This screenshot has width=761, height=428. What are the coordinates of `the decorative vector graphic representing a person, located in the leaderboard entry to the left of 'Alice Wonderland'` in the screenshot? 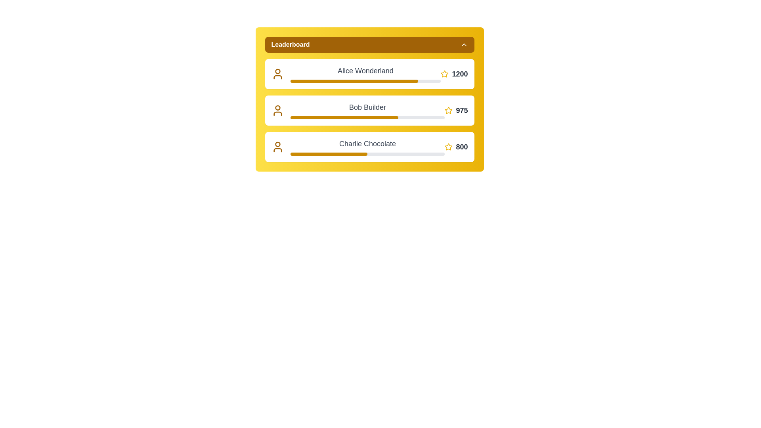 It's located at (277, 77).